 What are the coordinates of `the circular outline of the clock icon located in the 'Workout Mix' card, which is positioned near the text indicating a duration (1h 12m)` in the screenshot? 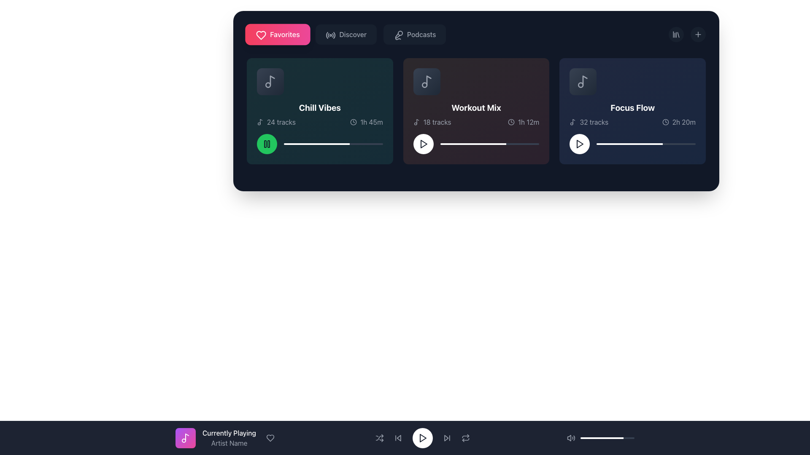 It's located at (510, 122).